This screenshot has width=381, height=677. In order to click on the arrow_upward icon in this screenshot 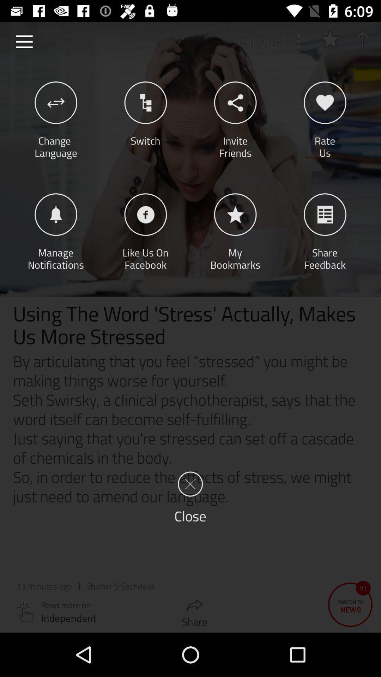, I will do `click(362, 39)`.